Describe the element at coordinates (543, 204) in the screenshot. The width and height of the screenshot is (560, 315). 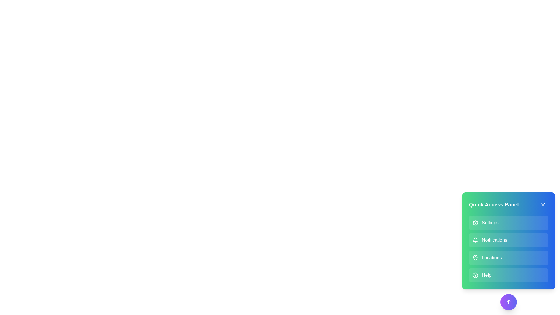
I see `the 'X' close button located in the top-right corner of the Quick Access Panel` at that location.